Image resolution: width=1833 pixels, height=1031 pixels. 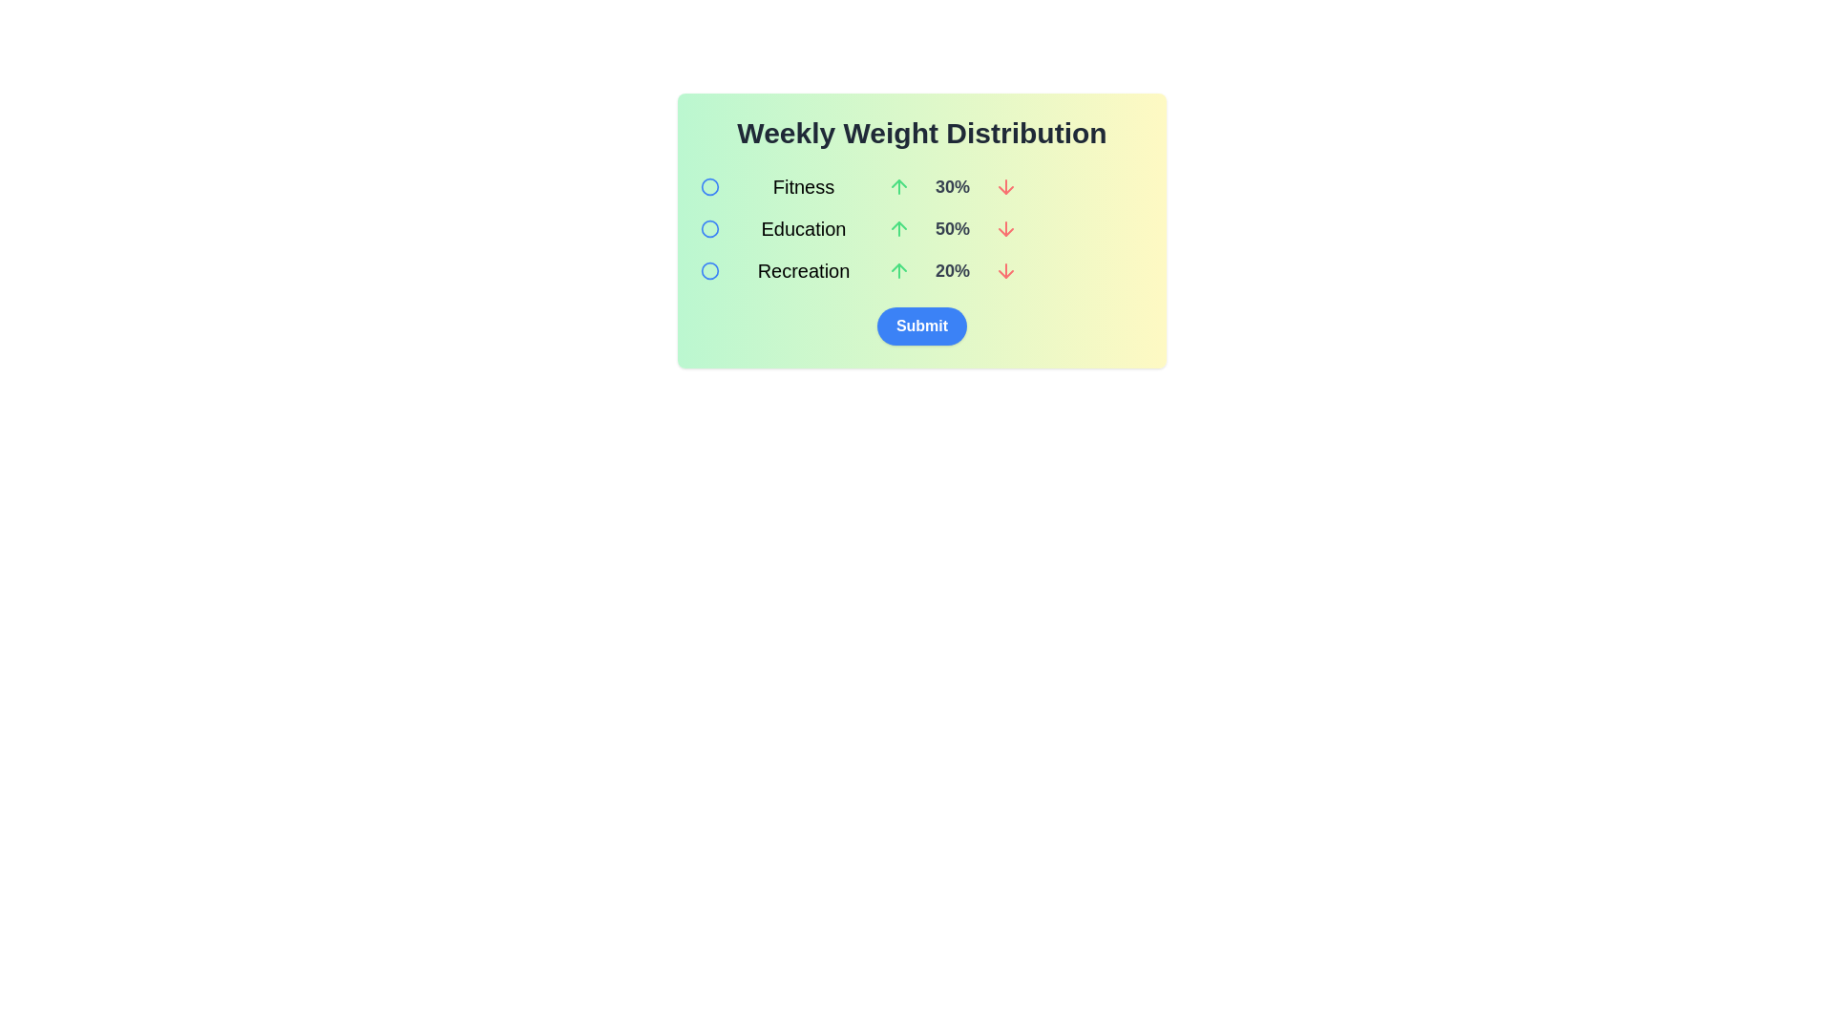 What do you see at coordinates (921, 326) in the screenshot?
I see `the 'Submit' button to finalize the weight distribution` at bounding box center [921, 326].